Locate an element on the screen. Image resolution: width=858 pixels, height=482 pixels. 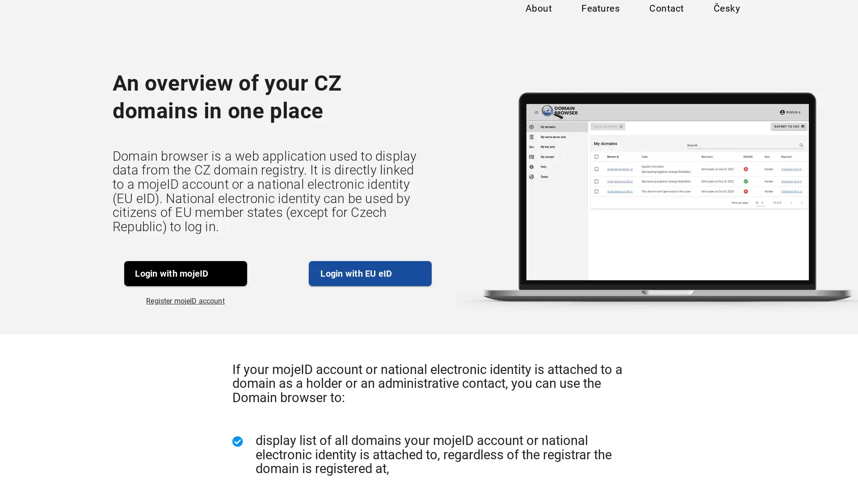
Contact is located at coordinates (666, 19).